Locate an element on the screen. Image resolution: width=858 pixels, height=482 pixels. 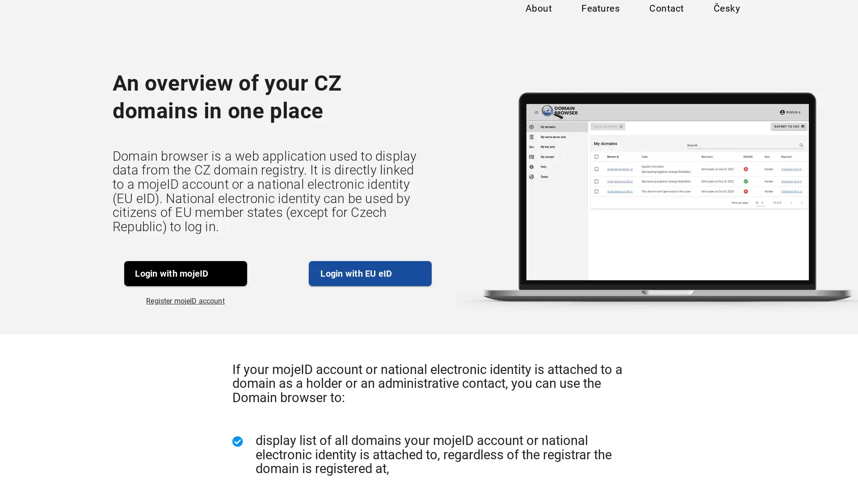
Contact is located at coordinates (666, 19).